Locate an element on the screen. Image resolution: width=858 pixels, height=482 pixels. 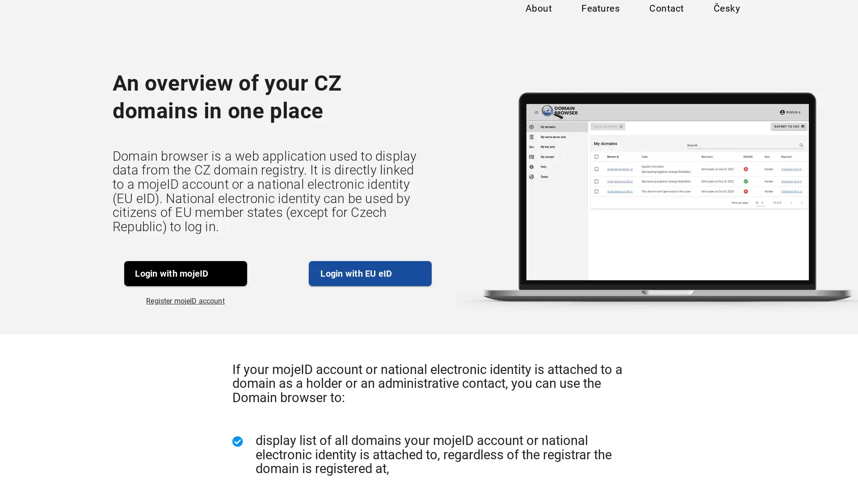
Contact is located at coordinates (666, 19).